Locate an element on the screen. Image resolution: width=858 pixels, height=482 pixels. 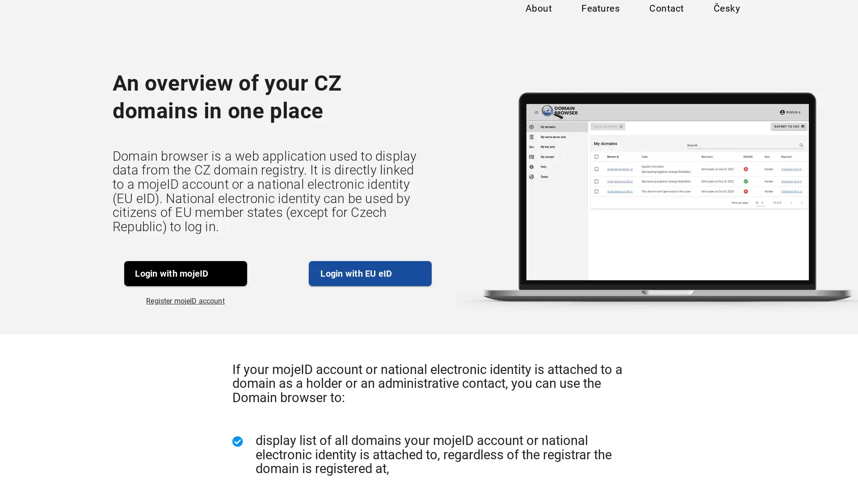
Contact is located at coordinates (666, 19).